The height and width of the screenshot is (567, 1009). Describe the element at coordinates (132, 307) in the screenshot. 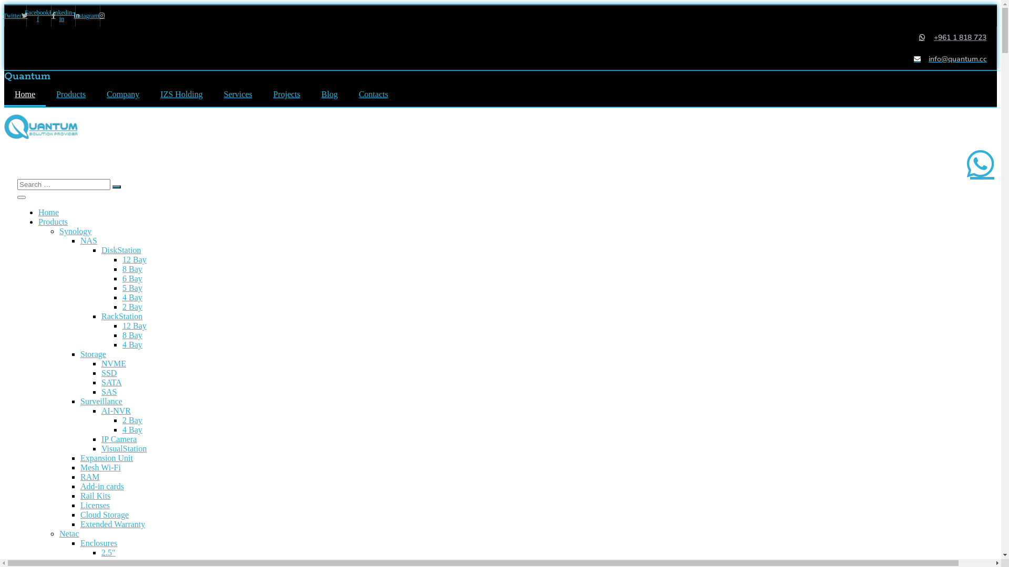

I see `'2 Bay'` at that location.